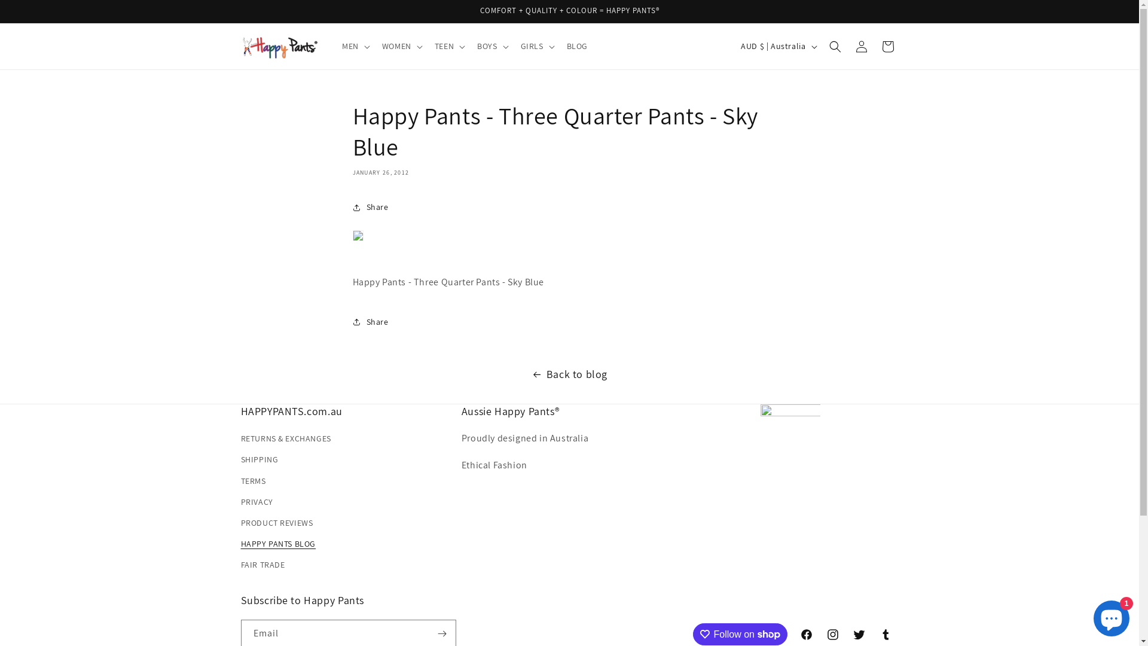 The width and height of the screenshot is (1148, 646). Describe the element at coordinates (861, 45) in the screenshot. I see `'Log in'` at that location.